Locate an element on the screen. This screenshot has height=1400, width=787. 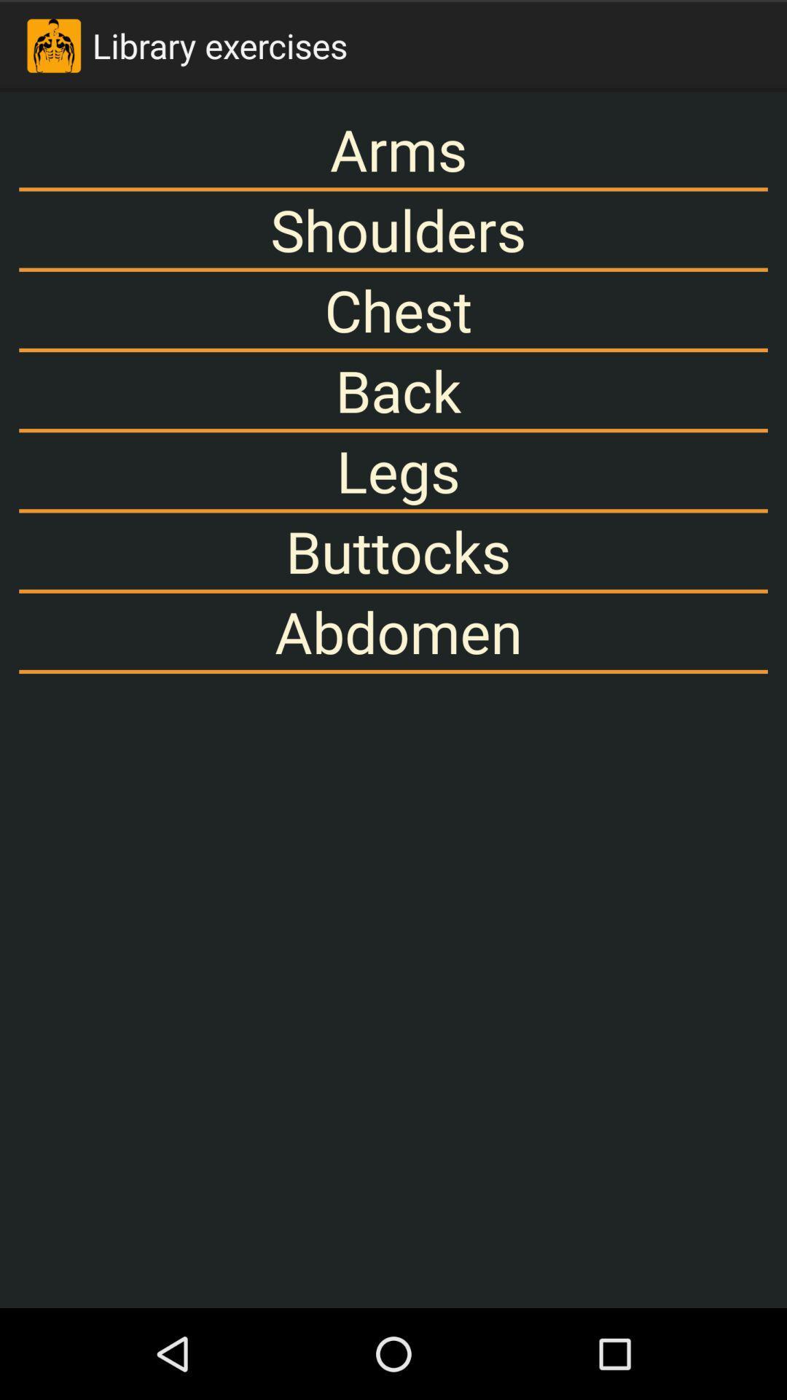
the shoulders app is located at coordinates (393, 229).